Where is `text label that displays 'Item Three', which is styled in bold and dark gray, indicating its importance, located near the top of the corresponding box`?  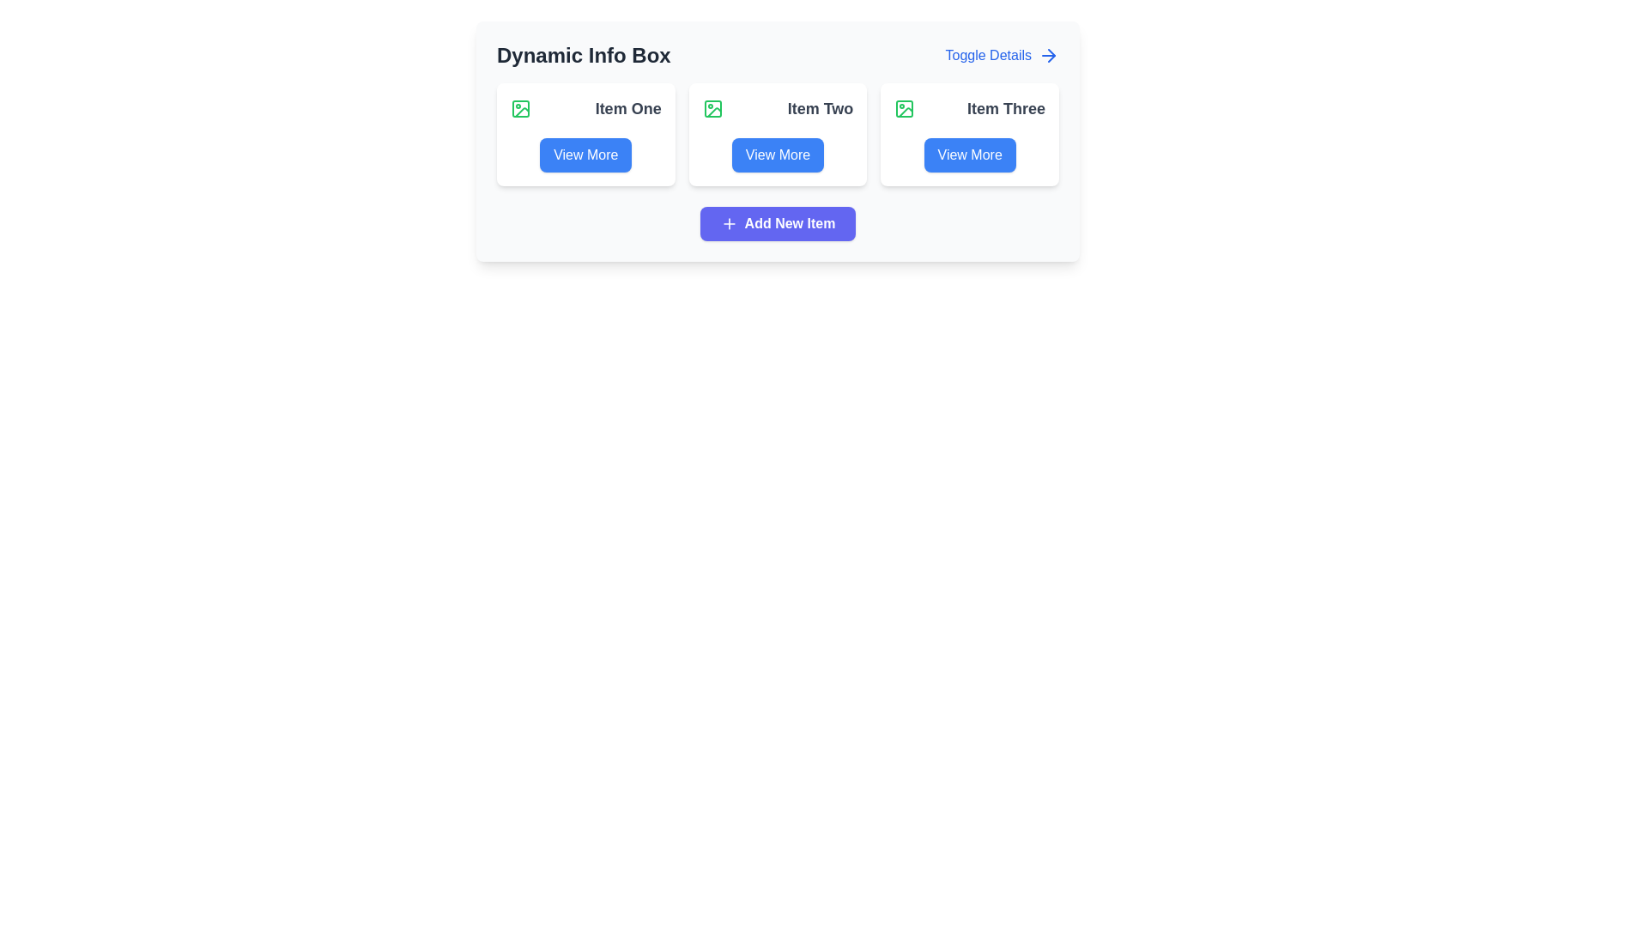
text label that displays 'Item Three', which is styled in bold and dark gray, indicating its importance, located near the top of the corresponding box is located at coordinates (970, 109).